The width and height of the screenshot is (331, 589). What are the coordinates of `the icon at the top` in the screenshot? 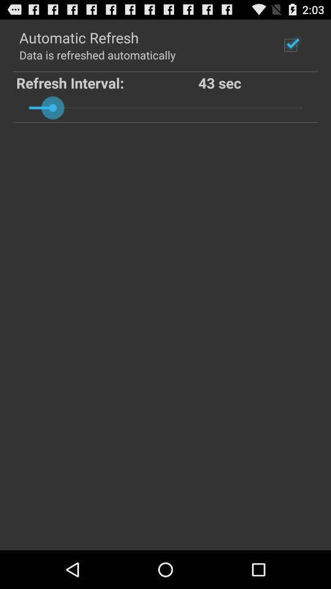 It's located at (165, 107).